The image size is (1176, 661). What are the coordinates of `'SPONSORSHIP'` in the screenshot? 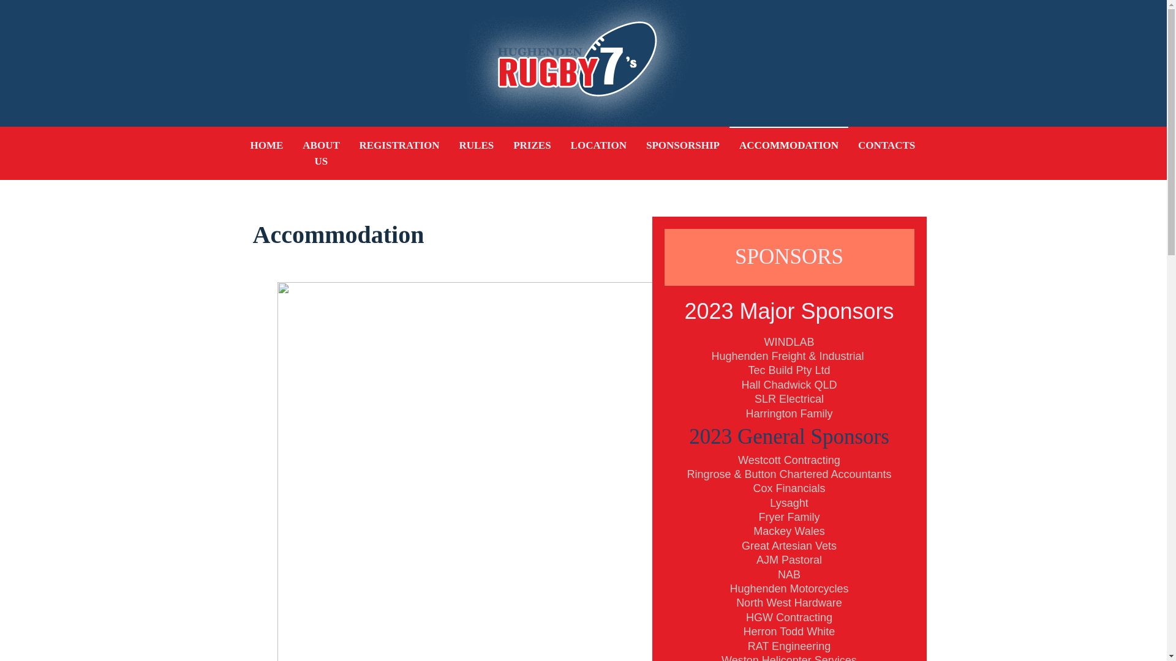 It's located at (636, 145).